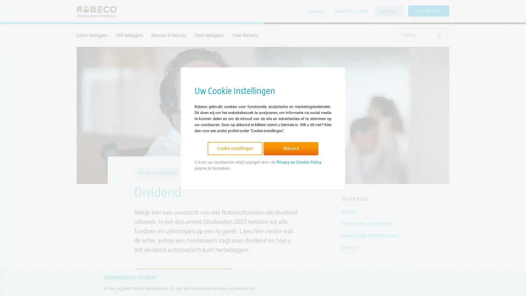 This screenshot has height=296, width=526. What do you see at coordinates (245, 35) in the screenshot?
I see `Over Robeco` at bounding box center [245, 35].